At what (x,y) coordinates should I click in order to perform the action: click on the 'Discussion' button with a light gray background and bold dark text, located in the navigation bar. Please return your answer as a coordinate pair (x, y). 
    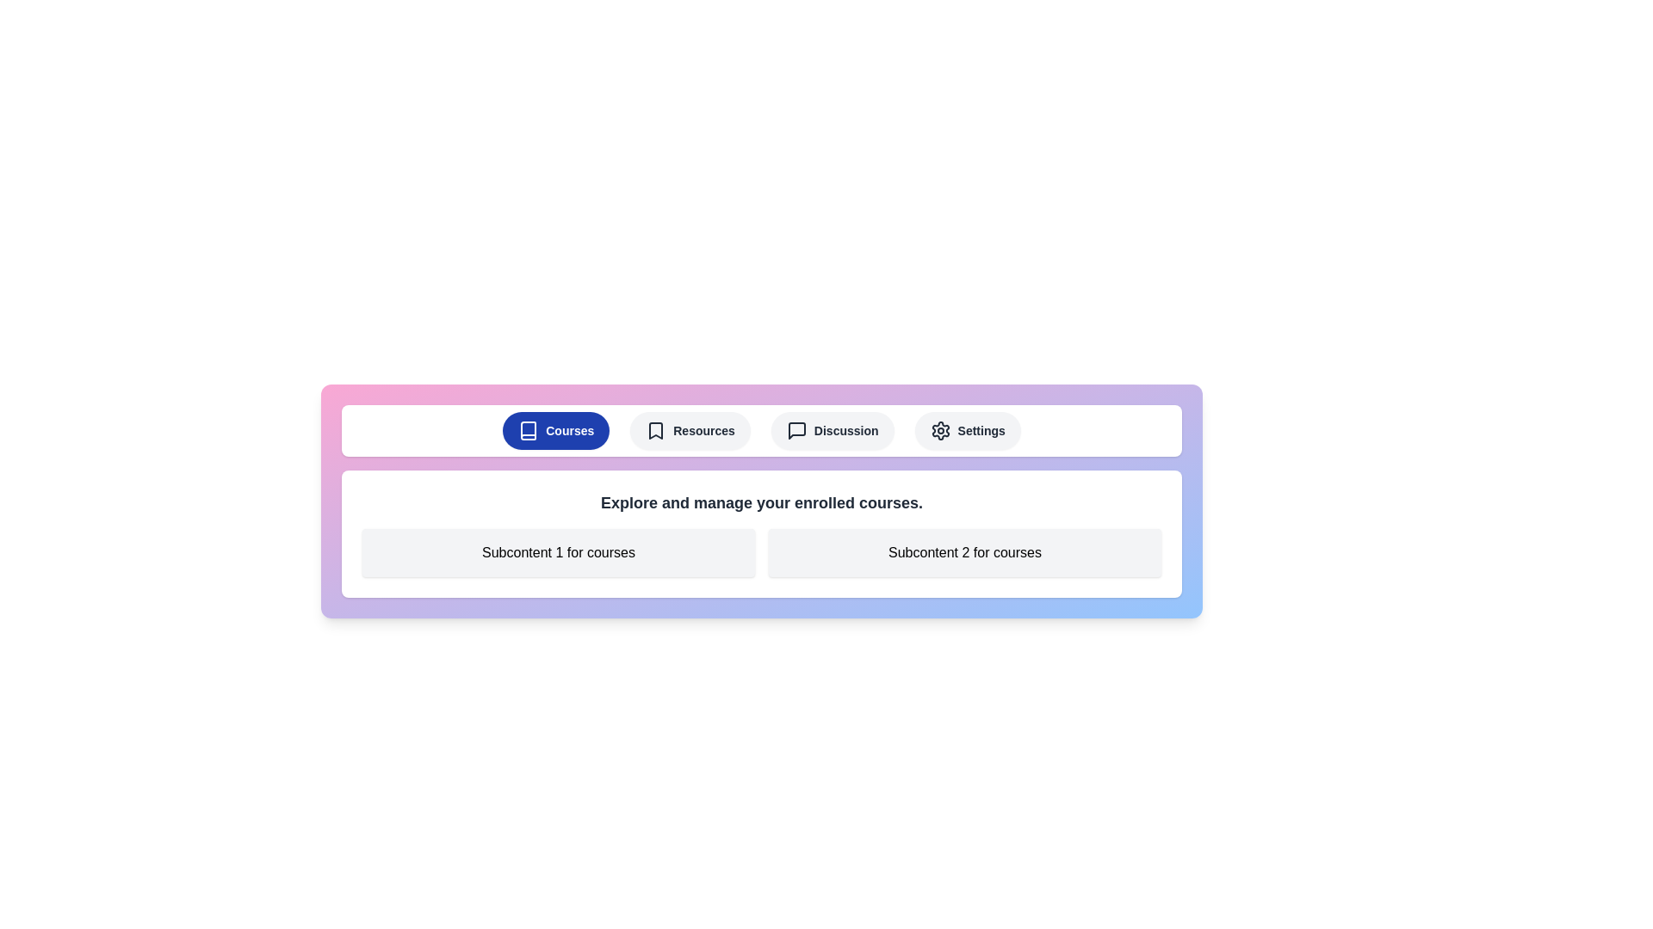
    Looking at the image, I should click on (832, 430).